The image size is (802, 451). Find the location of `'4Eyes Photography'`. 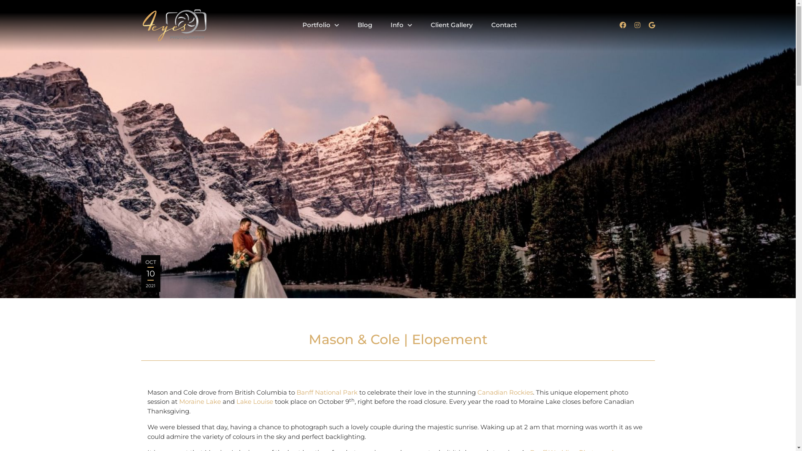

'4Eyes Photography' is located at coordinates (174, 25).